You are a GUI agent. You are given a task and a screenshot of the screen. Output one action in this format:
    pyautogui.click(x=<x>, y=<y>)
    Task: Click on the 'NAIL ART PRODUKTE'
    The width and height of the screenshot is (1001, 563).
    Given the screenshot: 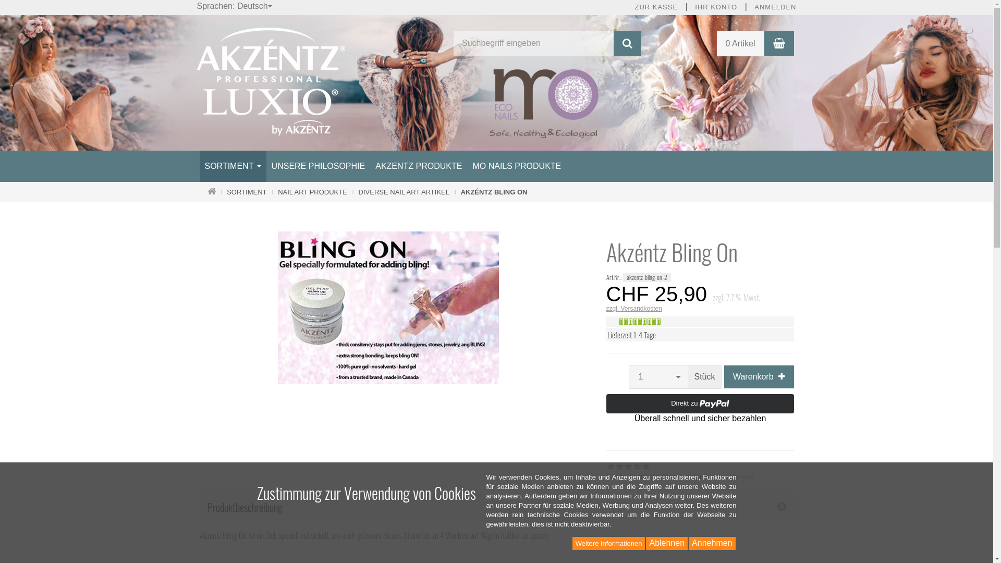 What is the action you would take?
    pyautogui.click(x=312, y=192)
    